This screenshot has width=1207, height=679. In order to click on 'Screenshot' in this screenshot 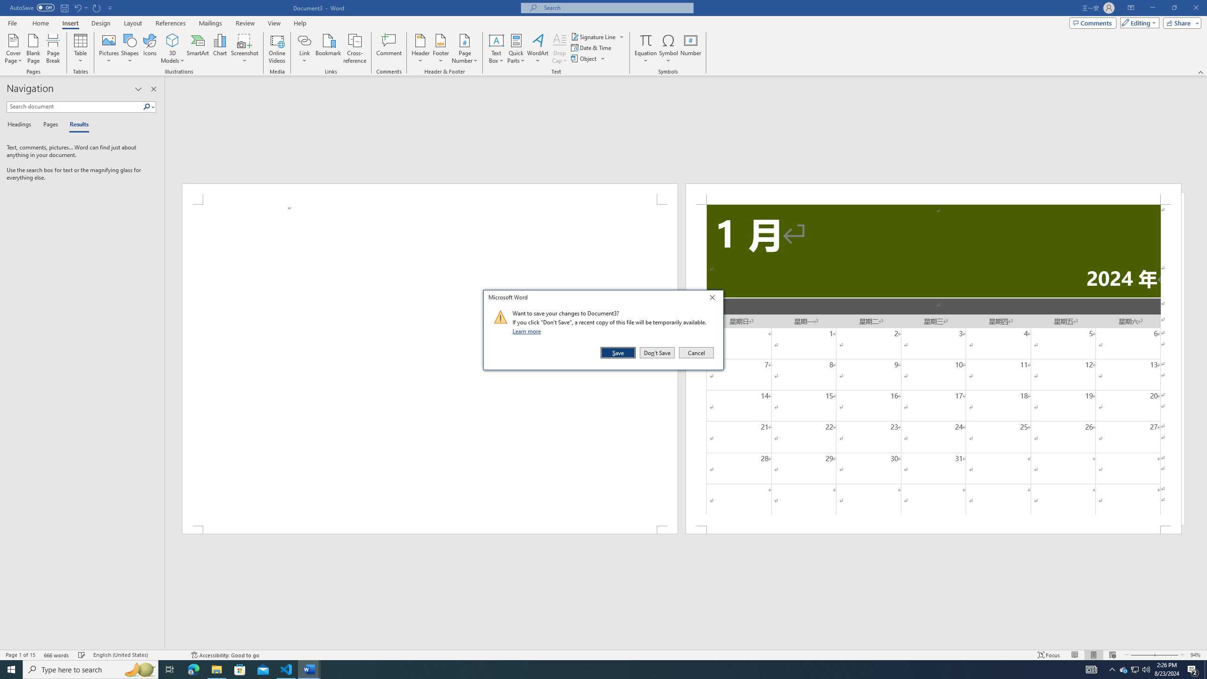, I will do `click(244, 49)`.